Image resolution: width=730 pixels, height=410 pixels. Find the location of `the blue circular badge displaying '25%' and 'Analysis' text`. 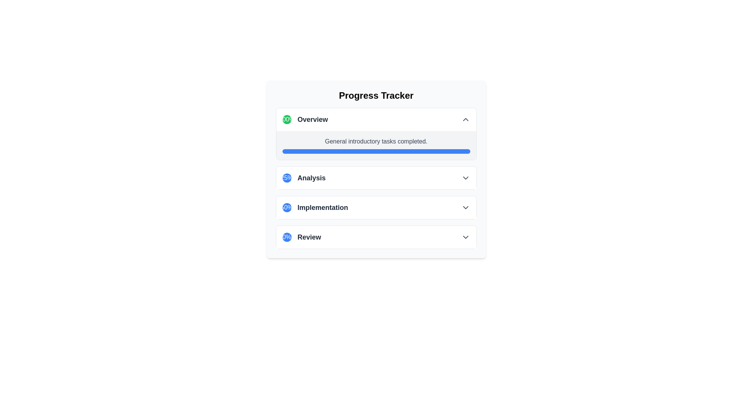

the blue circular badge displaying '25%' and 'Analysis' text is located at coordinates (303, 178).